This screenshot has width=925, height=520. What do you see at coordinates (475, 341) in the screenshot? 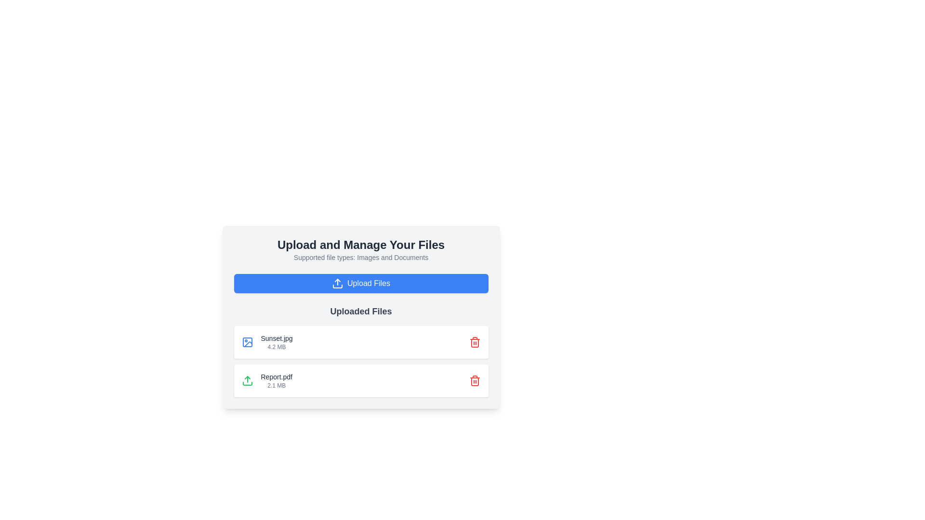
I see `the delete button located at the upper-right section of the card displaying the file 'Sunset.jpg'` at bounding box center [475, 341].